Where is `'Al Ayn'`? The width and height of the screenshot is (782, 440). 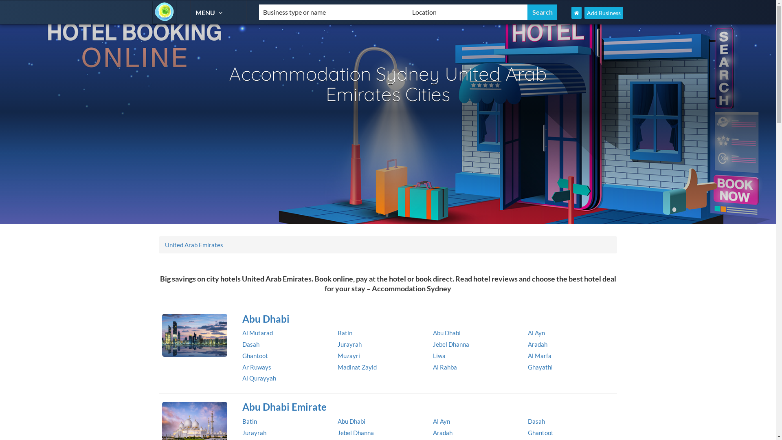 'Al Ayn' is located at coordinates (441, 421).